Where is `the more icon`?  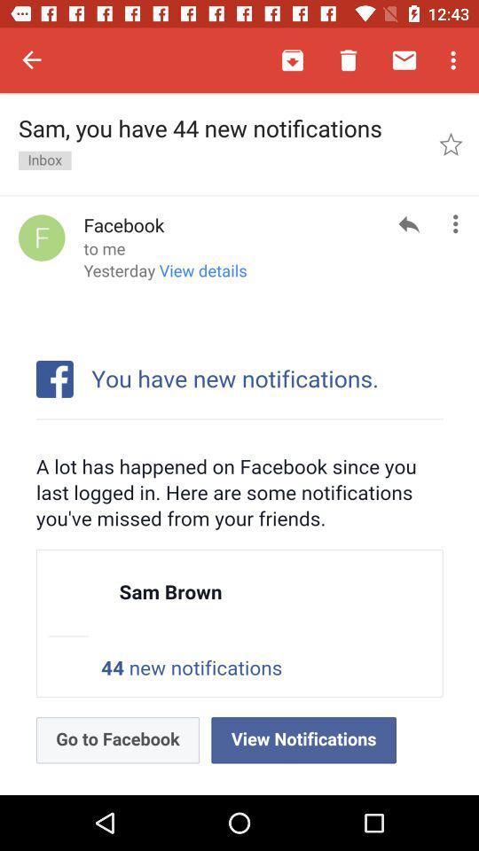
the more icon is located at coordinates (458, 223).